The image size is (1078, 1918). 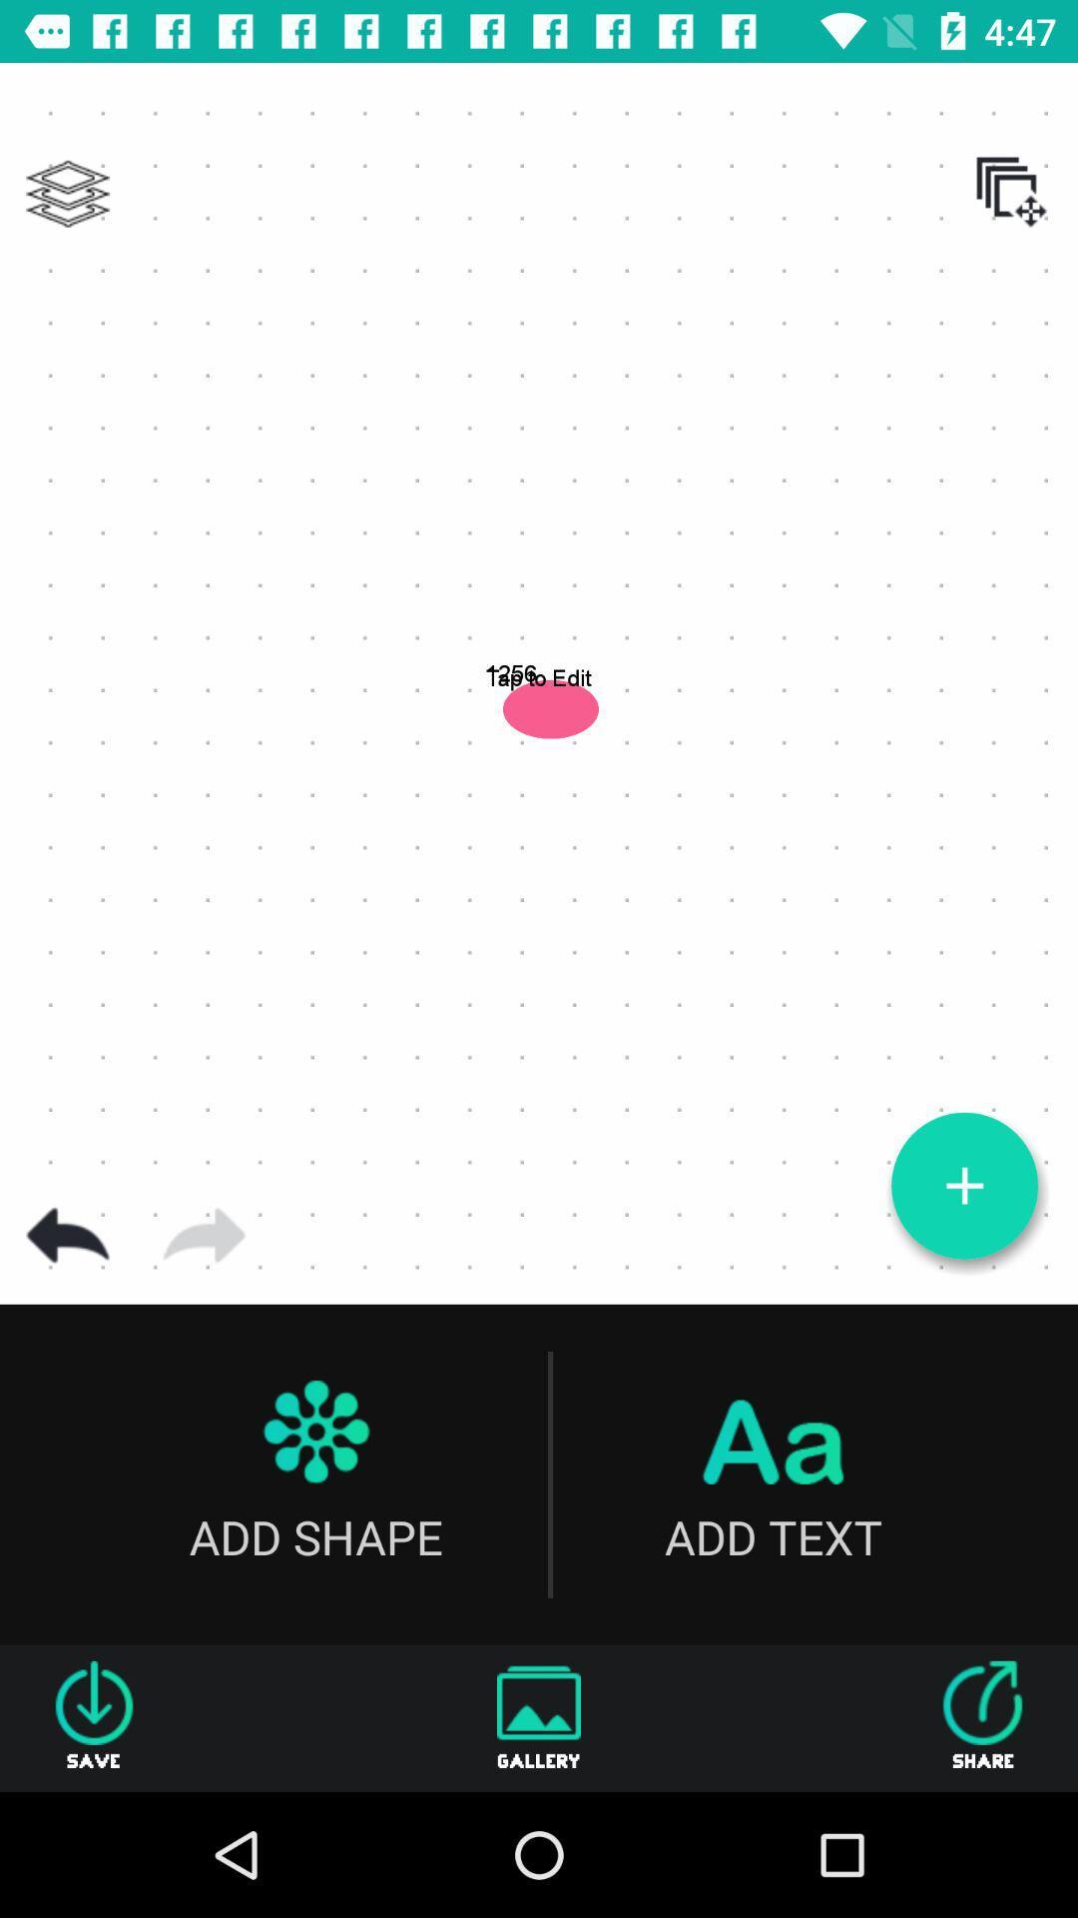 What do you see at coordinates (204, 1235) in the screenshot?
I see `re-doo action/line` at bounding box center [204, 1235].